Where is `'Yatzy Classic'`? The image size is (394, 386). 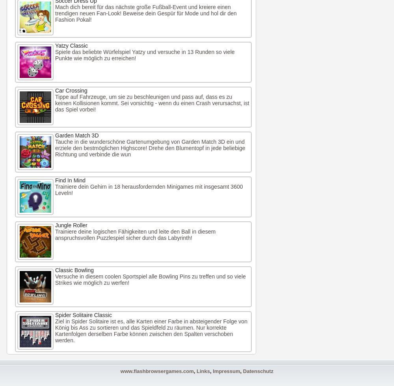
'Yatzy Classic' is located at coordinates (71, 46).